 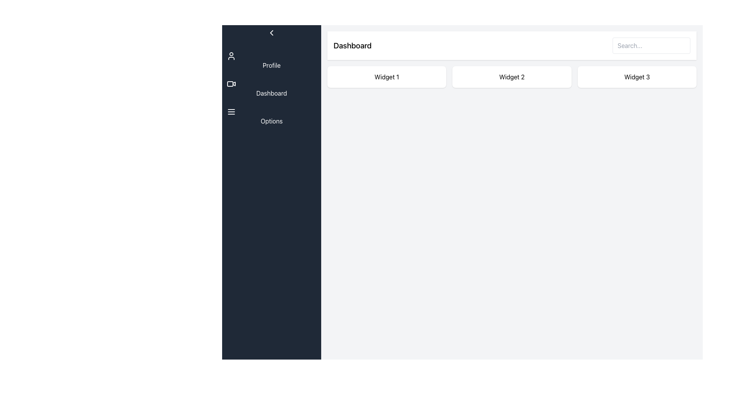 What do you see at coordinates (352, 46) in the screenshot?
I see `the 'Dashboard' text label located in the upper-left section of the central content area, which serves as the title for the current page` at bounding box center [352, 46].